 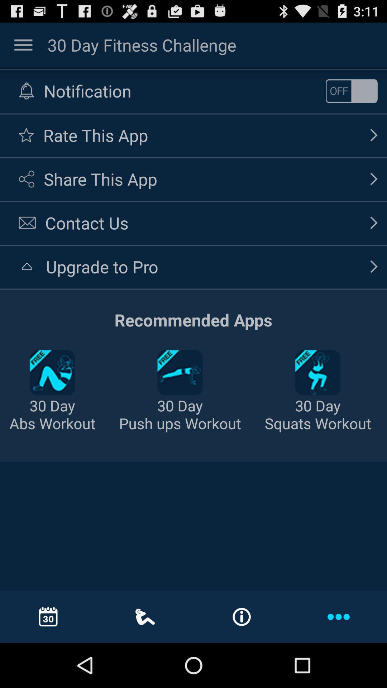 What do you see at coordinates (339, 616) in the screenshot?
I see `three dot icon in blue color at the bottom right corner` at bounding box center [339, 616].